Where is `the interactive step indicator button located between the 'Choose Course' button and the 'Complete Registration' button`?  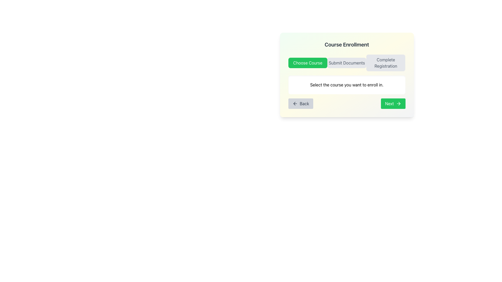
the interactive step indicator button located between the 'Choose Course' button and the 'Complete Registration' button is located at coordinates (347, 62).